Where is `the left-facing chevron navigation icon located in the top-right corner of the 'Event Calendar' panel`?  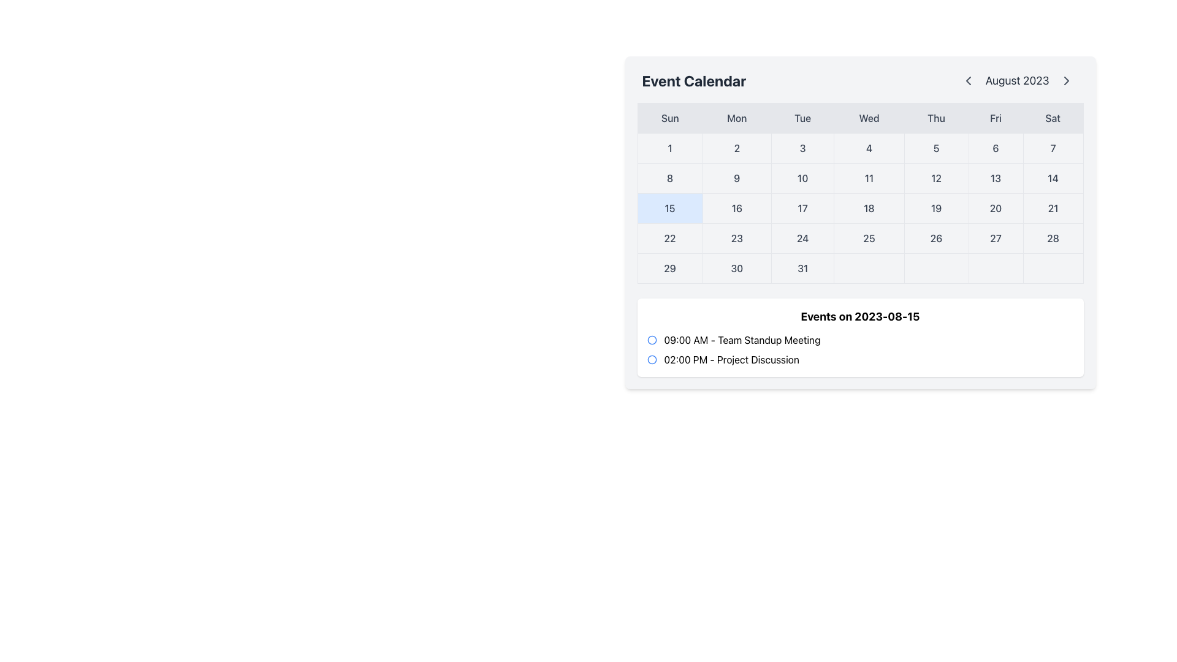
the left-facing chevron navigation icon located in the top-right corner of the 'Event Calendar' panel is located at coordinates (967, 80).